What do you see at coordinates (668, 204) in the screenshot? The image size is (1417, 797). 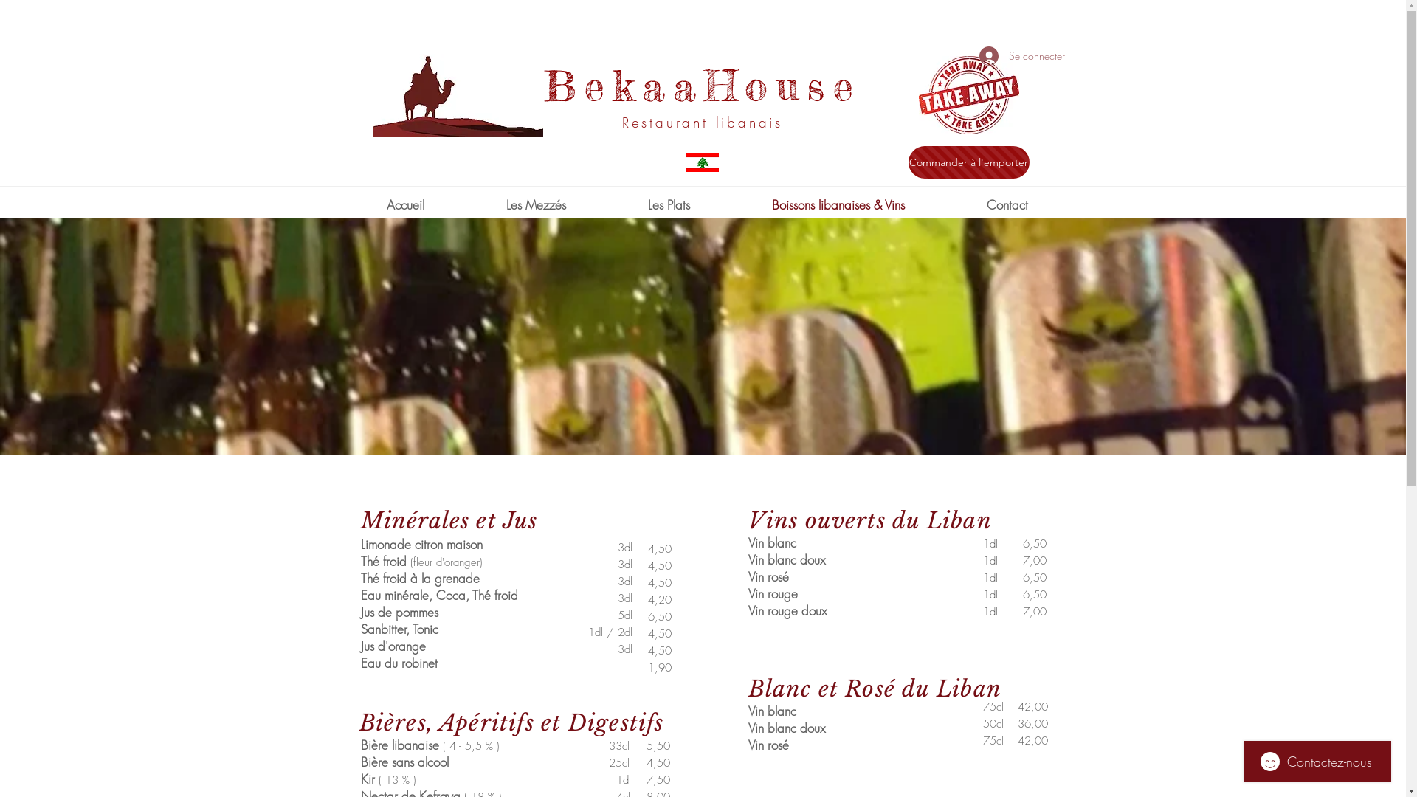 I see `'Les Plats'` at bounding box center [668, 204].